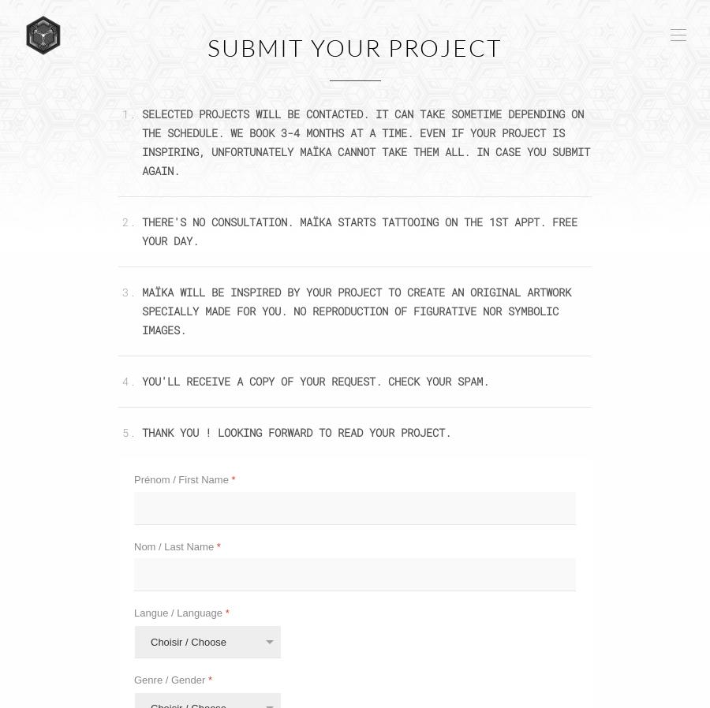  What do you see at coordinates (134, 613) in the screenshot?
I see `'Langue / Language'` at bounding box center [134, 613].